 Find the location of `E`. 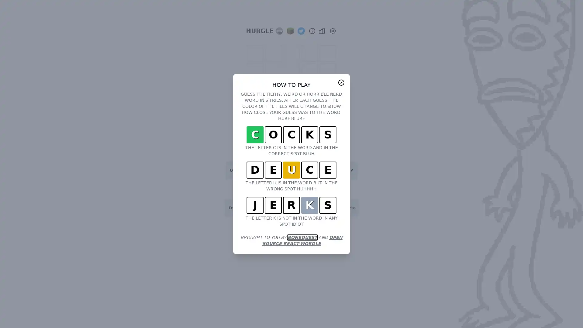

E is located at coordinates (258, 170).